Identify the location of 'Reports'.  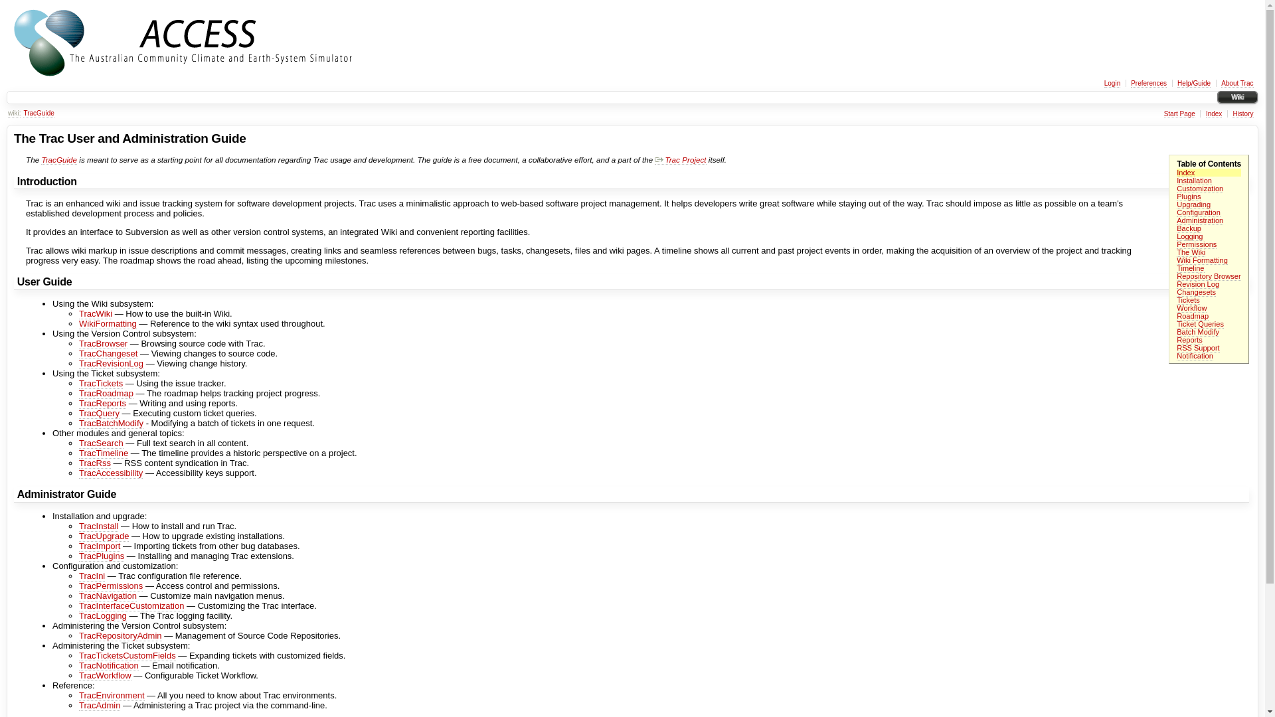
(1189, 339).